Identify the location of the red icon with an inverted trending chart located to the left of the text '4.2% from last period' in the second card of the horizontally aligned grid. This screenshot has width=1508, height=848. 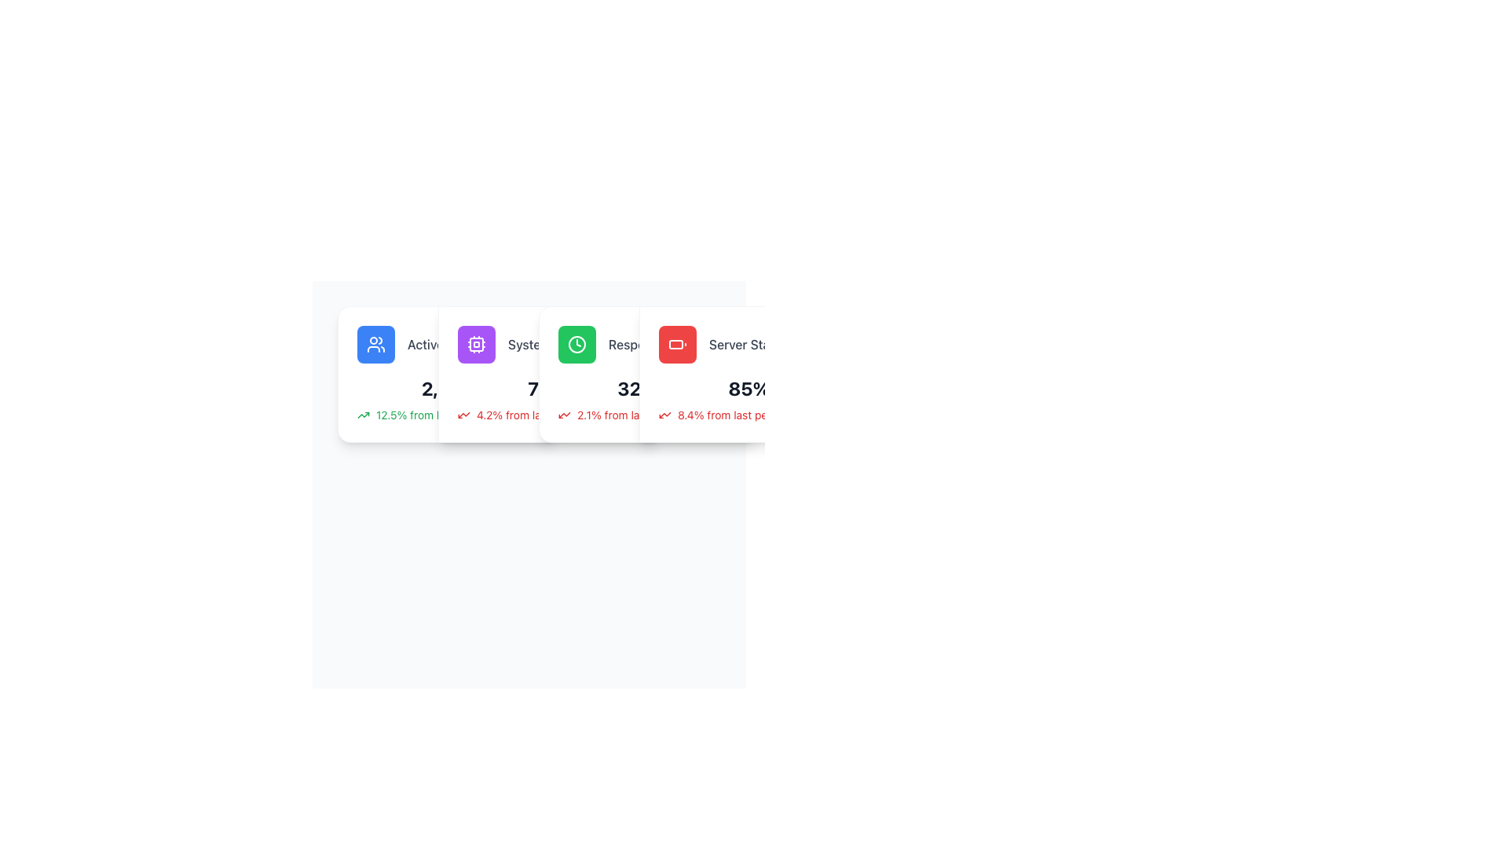
(463, 414).